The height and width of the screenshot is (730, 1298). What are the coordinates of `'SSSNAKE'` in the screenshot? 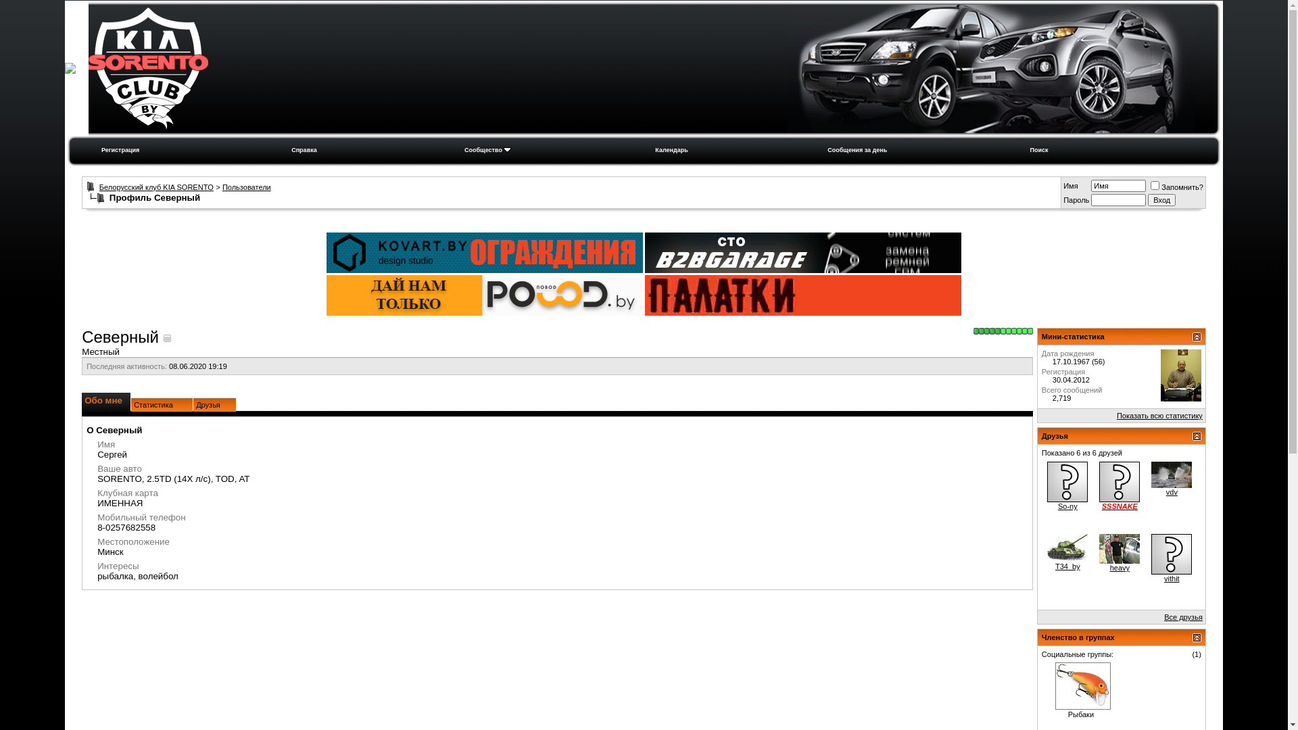 It's located at (1120, 506).